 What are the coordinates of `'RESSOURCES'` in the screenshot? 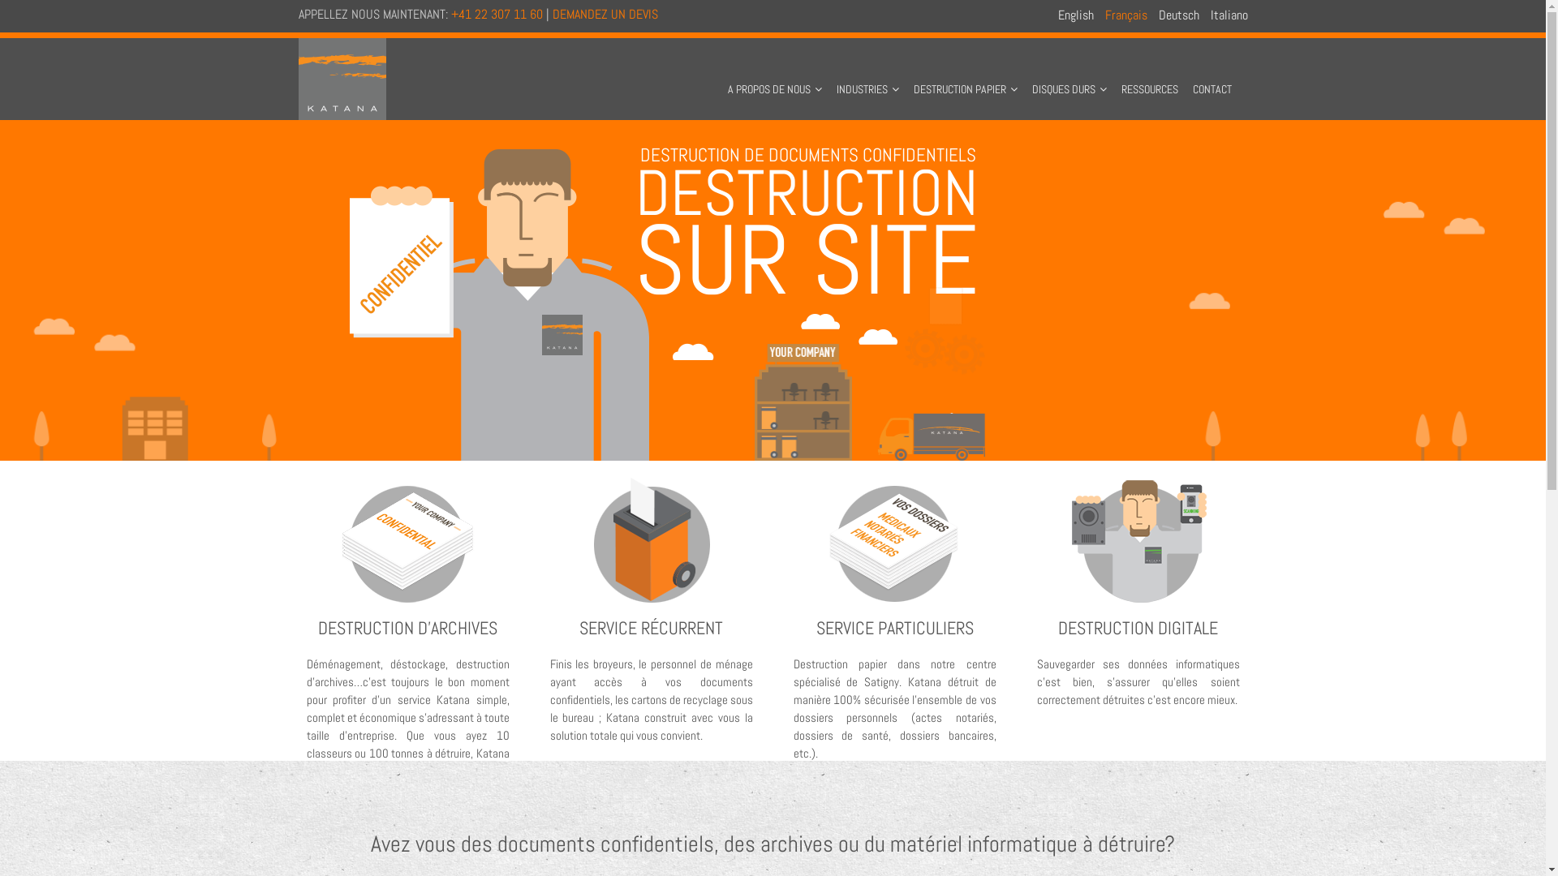 It's located at (1148, 75).